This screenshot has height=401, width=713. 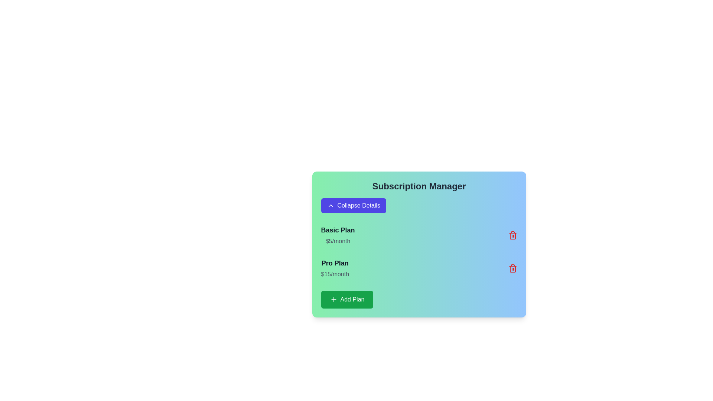 What do you see at coordinates (419, 263) in the screenshot?
I see `the Composite element displaying subscription plans, which includes 'Basic Plan' and 'Pro Plan' with their respective prices and delete icons` at bounding box center [419, 263].